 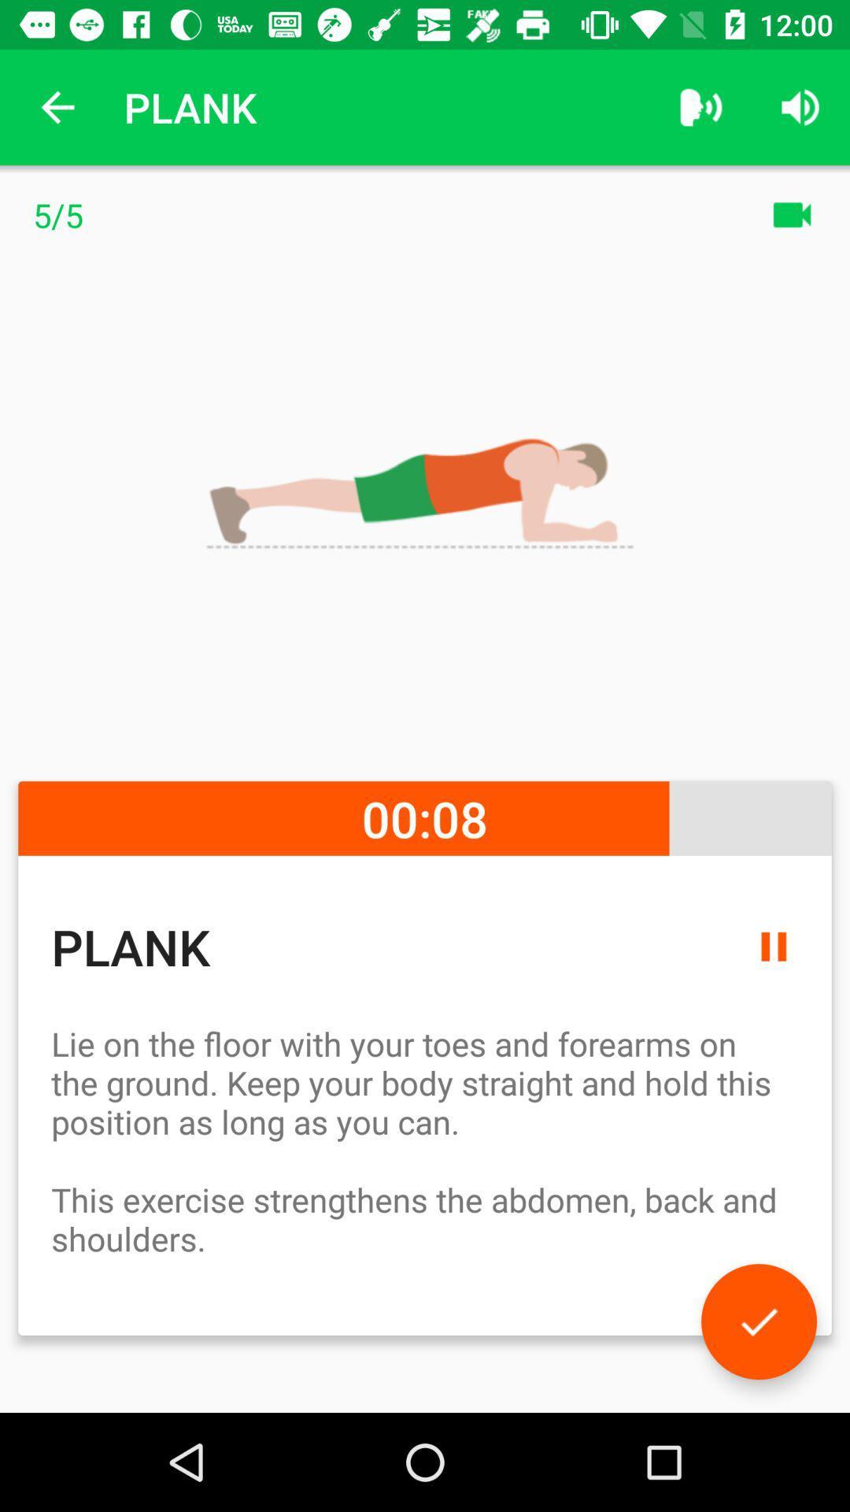 What do you see at coordinates (758, 1321) in the screenshot?
I see `the item at the bottom right corner` at bounding box center [758, 1321].